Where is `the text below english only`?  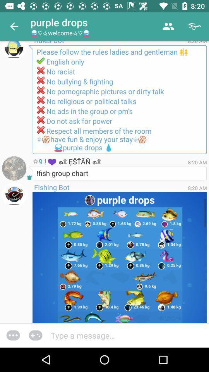 the text below english only is located at coordinates (120, 118).